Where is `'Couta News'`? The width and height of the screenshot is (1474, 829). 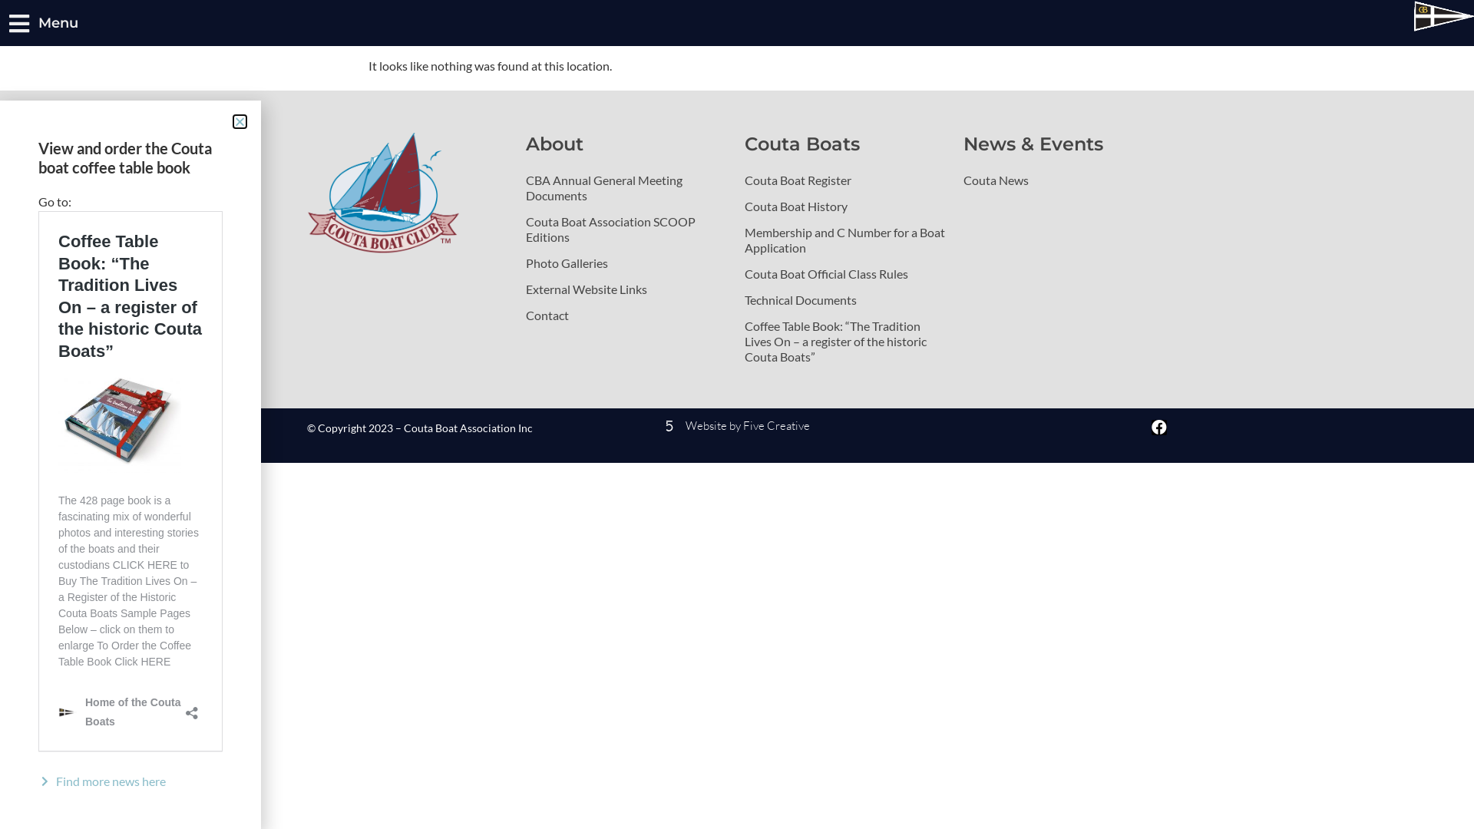
'Couta News' is located at coordinates (1064, 180).